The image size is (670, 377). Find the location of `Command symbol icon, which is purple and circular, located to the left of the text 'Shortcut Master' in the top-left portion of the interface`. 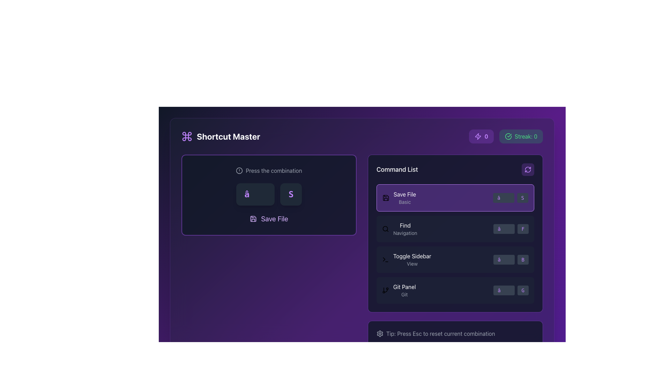

Command symbol icon, which is purple and circular, located to the left of the text 'Shortcut Master' in the top-left portion of the interface is located at coordinates (187, 136).